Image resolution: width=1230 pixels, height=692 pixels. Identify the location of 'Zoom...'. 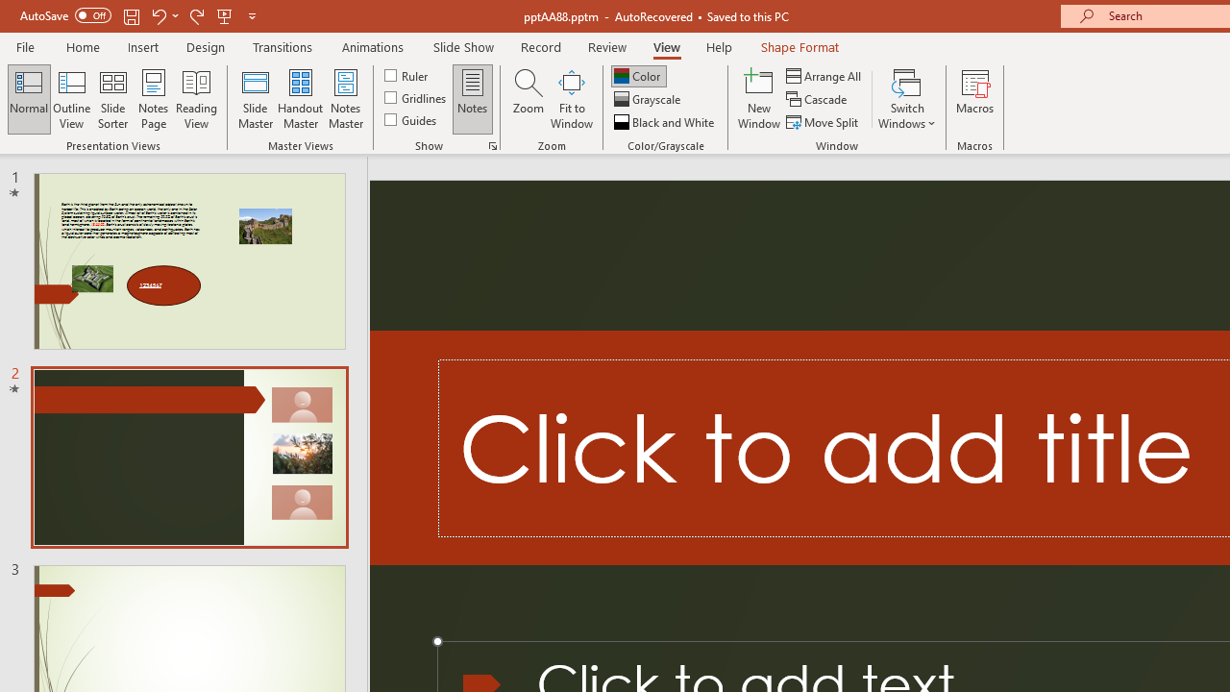
(528, 99).